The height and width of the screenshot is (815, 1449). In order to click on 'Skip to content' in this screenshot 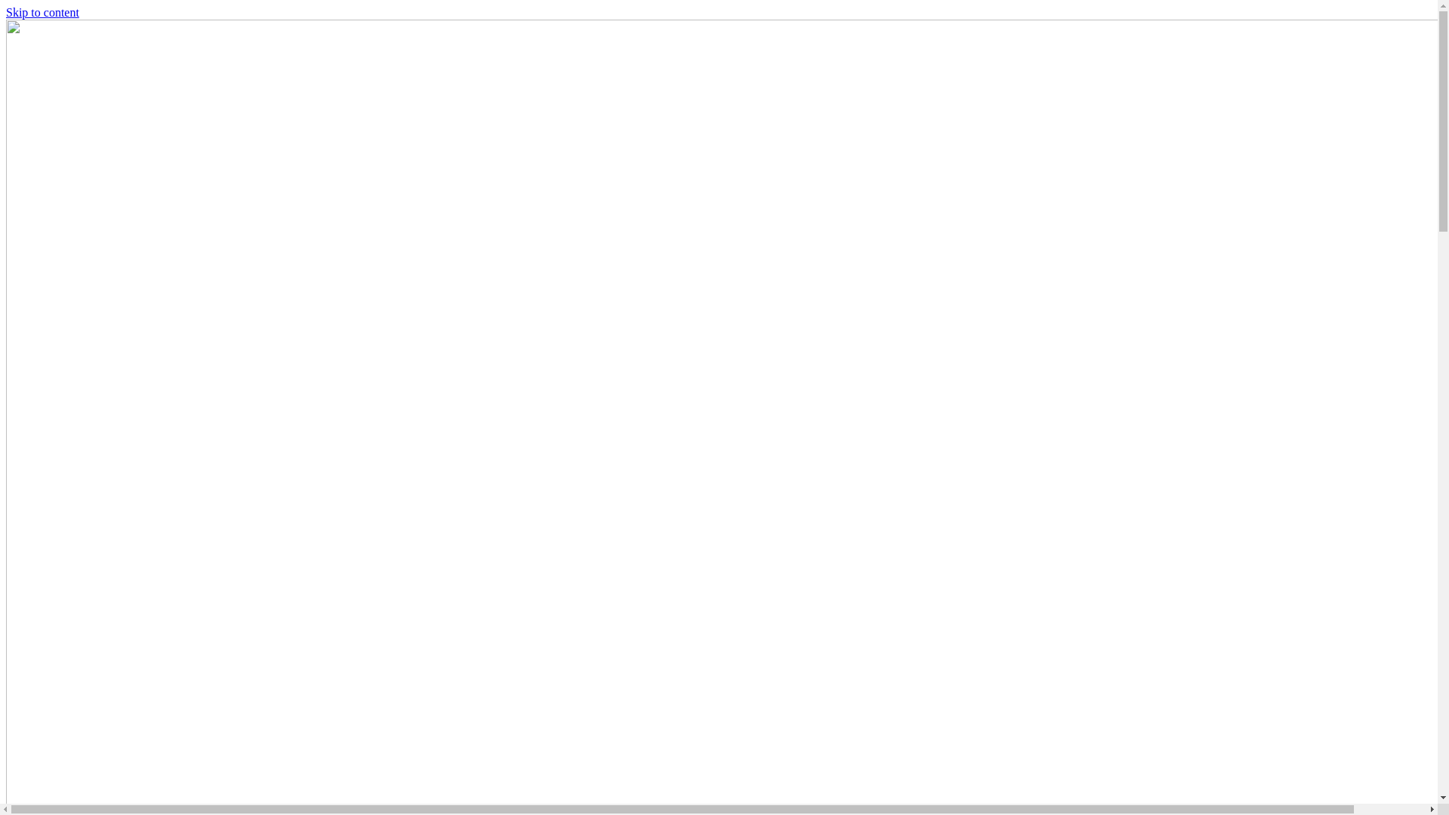, I will do `click(42, 12)`.